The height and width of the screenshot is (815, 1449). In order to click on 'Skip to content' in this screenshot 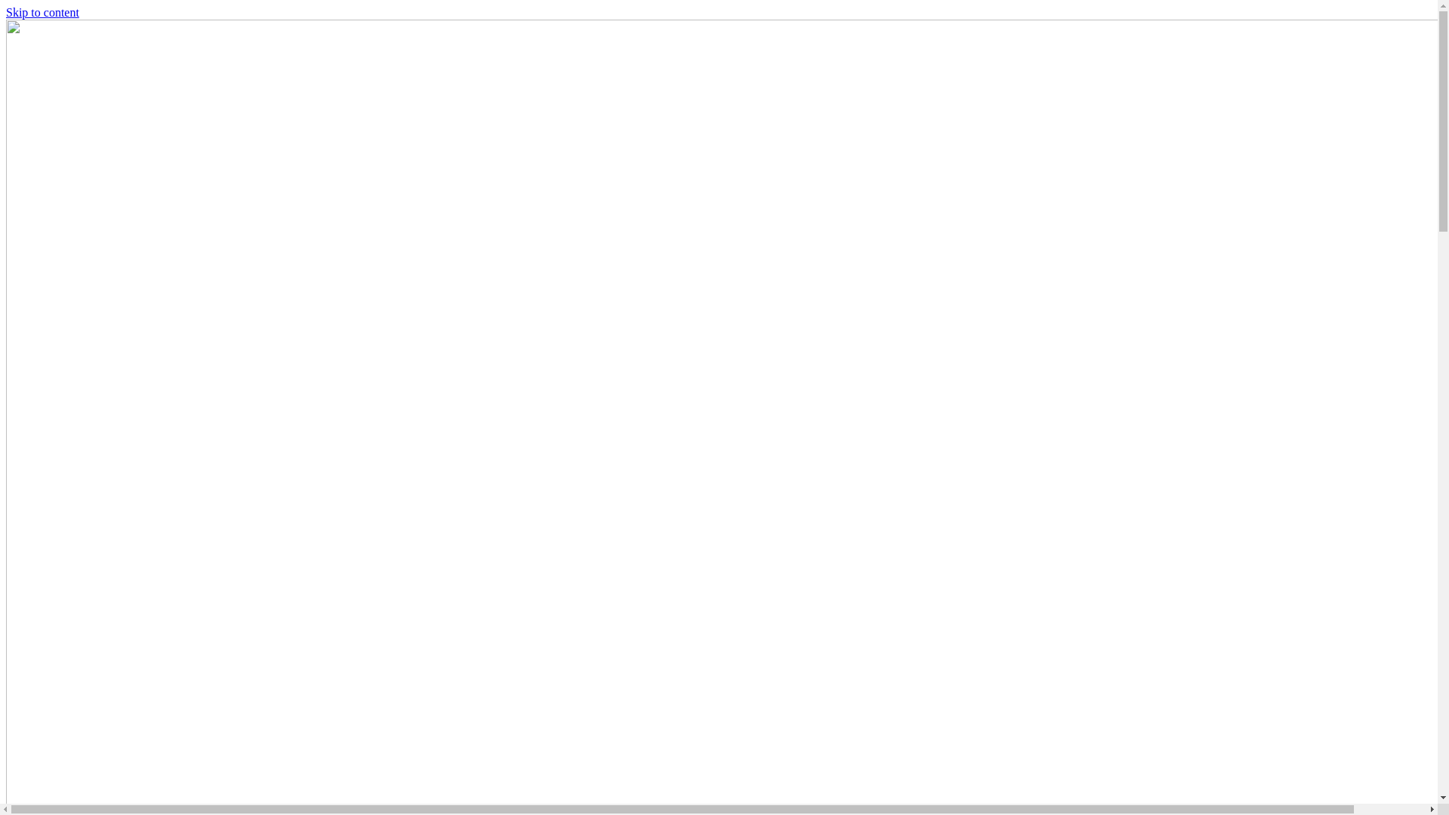, I will do `click(42, 12)`.